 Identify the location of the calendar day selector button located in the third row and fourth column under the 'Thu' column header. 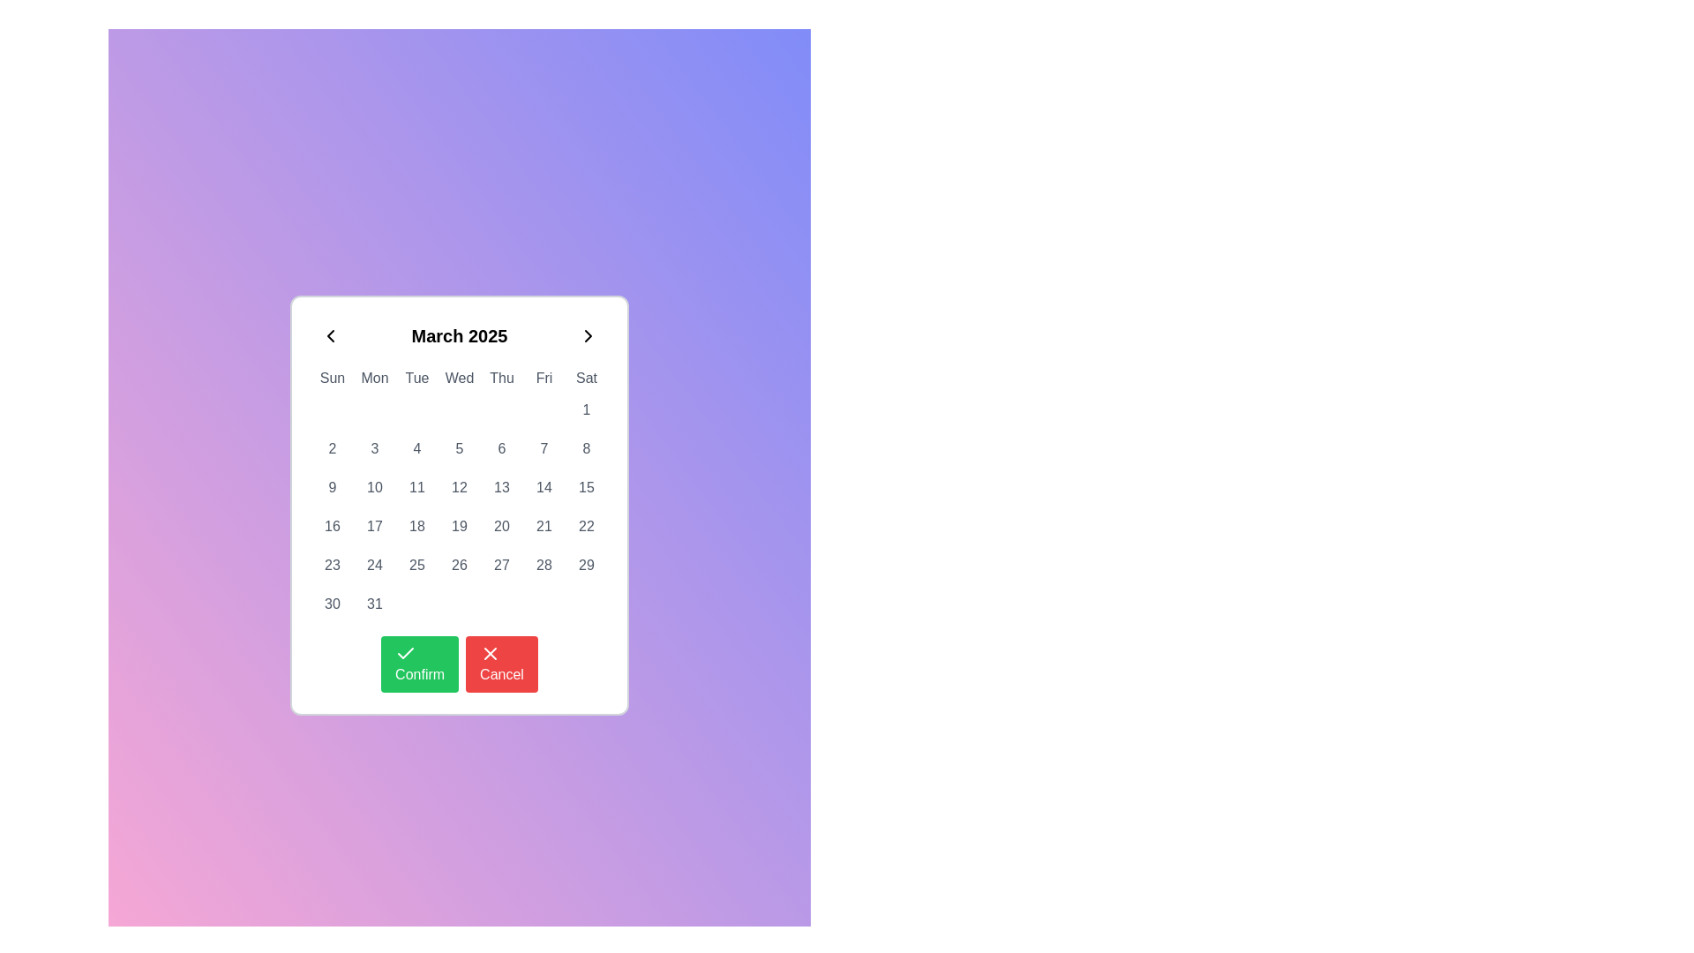
(460, 448).